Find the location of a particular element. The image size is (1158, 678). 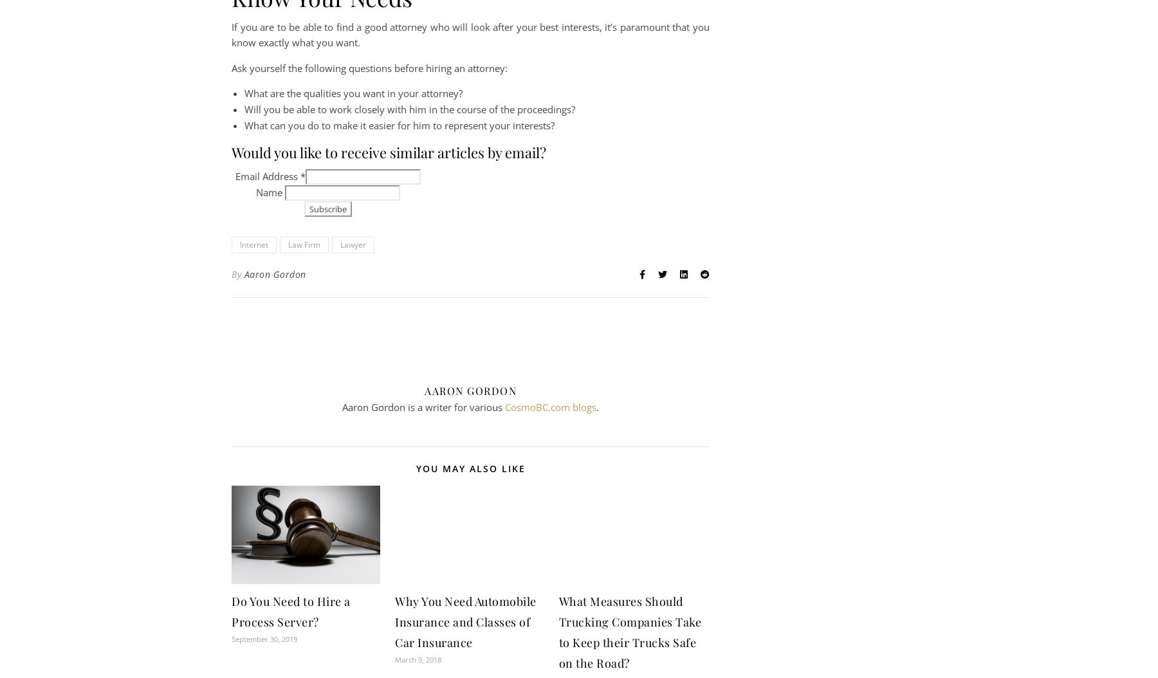

'By' is located at coordinates (237, 274).